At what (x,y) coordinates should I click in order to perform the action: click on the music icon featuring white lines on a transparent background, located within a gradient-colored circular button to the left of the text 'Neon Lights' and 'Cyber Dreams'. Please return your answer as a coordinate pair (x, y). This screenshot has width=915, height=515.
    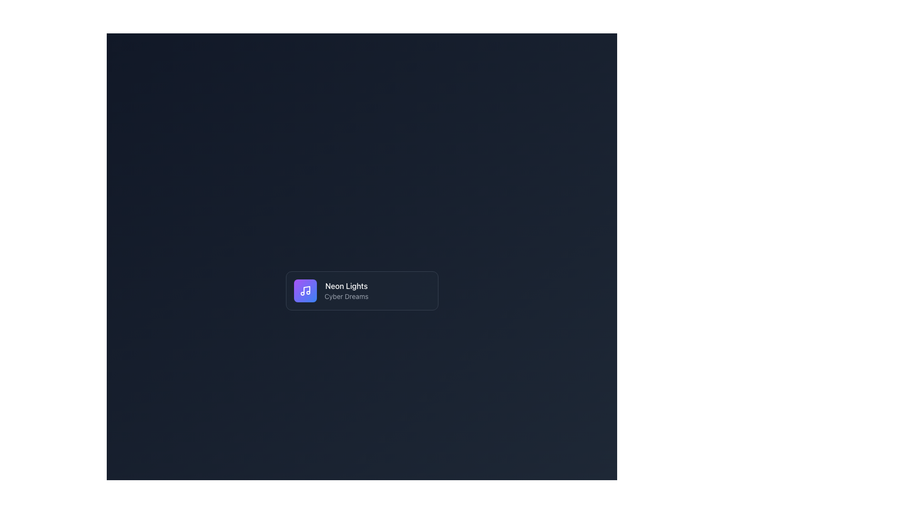
    Looking at the image, I should click on (305, 290).